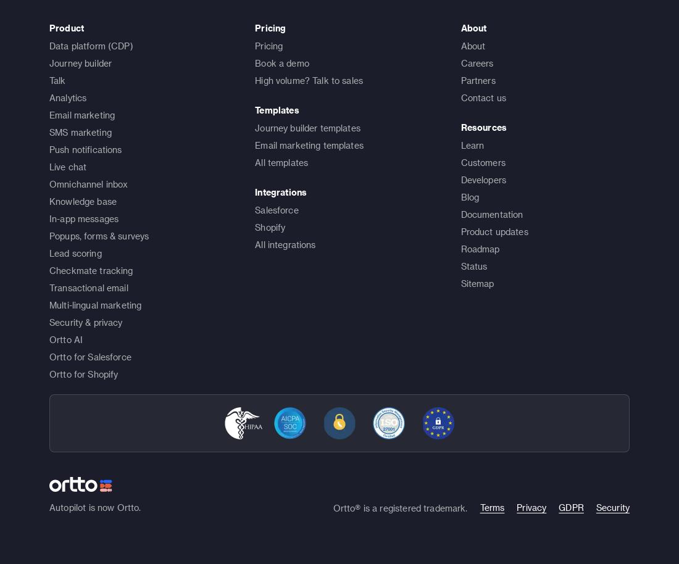 This screenshot has height=564, width=679. Describe the element at coordinates (66, 339) in the screenshot. I see `'Ortto AI'` at that location.